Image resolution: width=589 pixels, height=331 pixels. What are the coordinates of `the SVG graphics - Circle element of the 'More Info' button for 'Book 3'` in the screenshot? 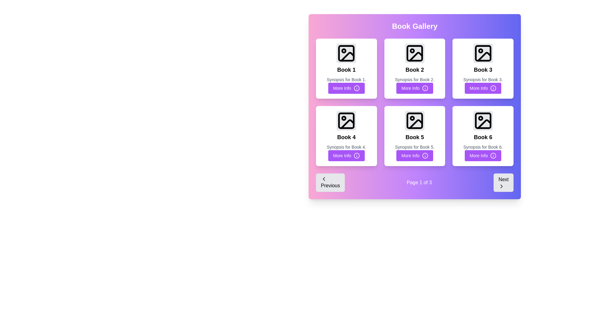 It's located at (493, 88).